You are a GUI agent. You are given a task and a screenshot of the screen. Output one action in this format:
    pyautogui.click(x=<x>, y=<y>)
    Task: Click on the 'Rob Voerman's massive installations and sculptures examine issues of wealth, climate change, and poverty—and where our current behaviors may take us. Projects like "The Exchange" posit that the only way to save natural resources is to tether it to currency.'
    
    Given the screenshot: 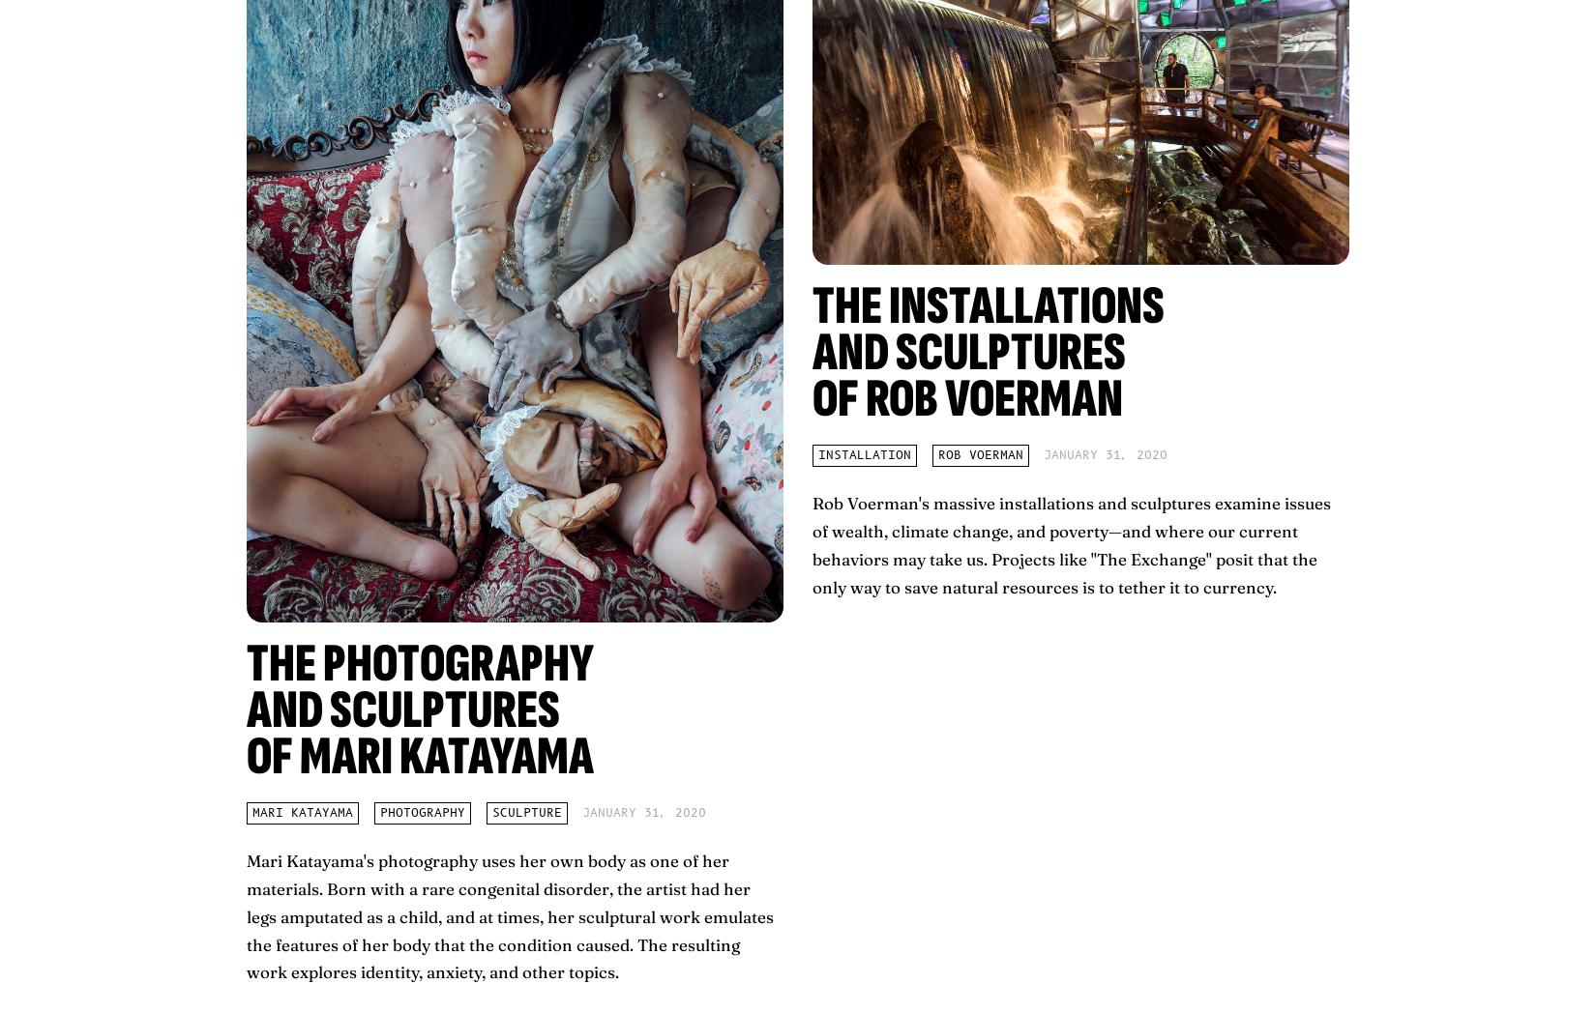 What is the action you would take?
    pyautogui.click(x=1071, y=543)
    